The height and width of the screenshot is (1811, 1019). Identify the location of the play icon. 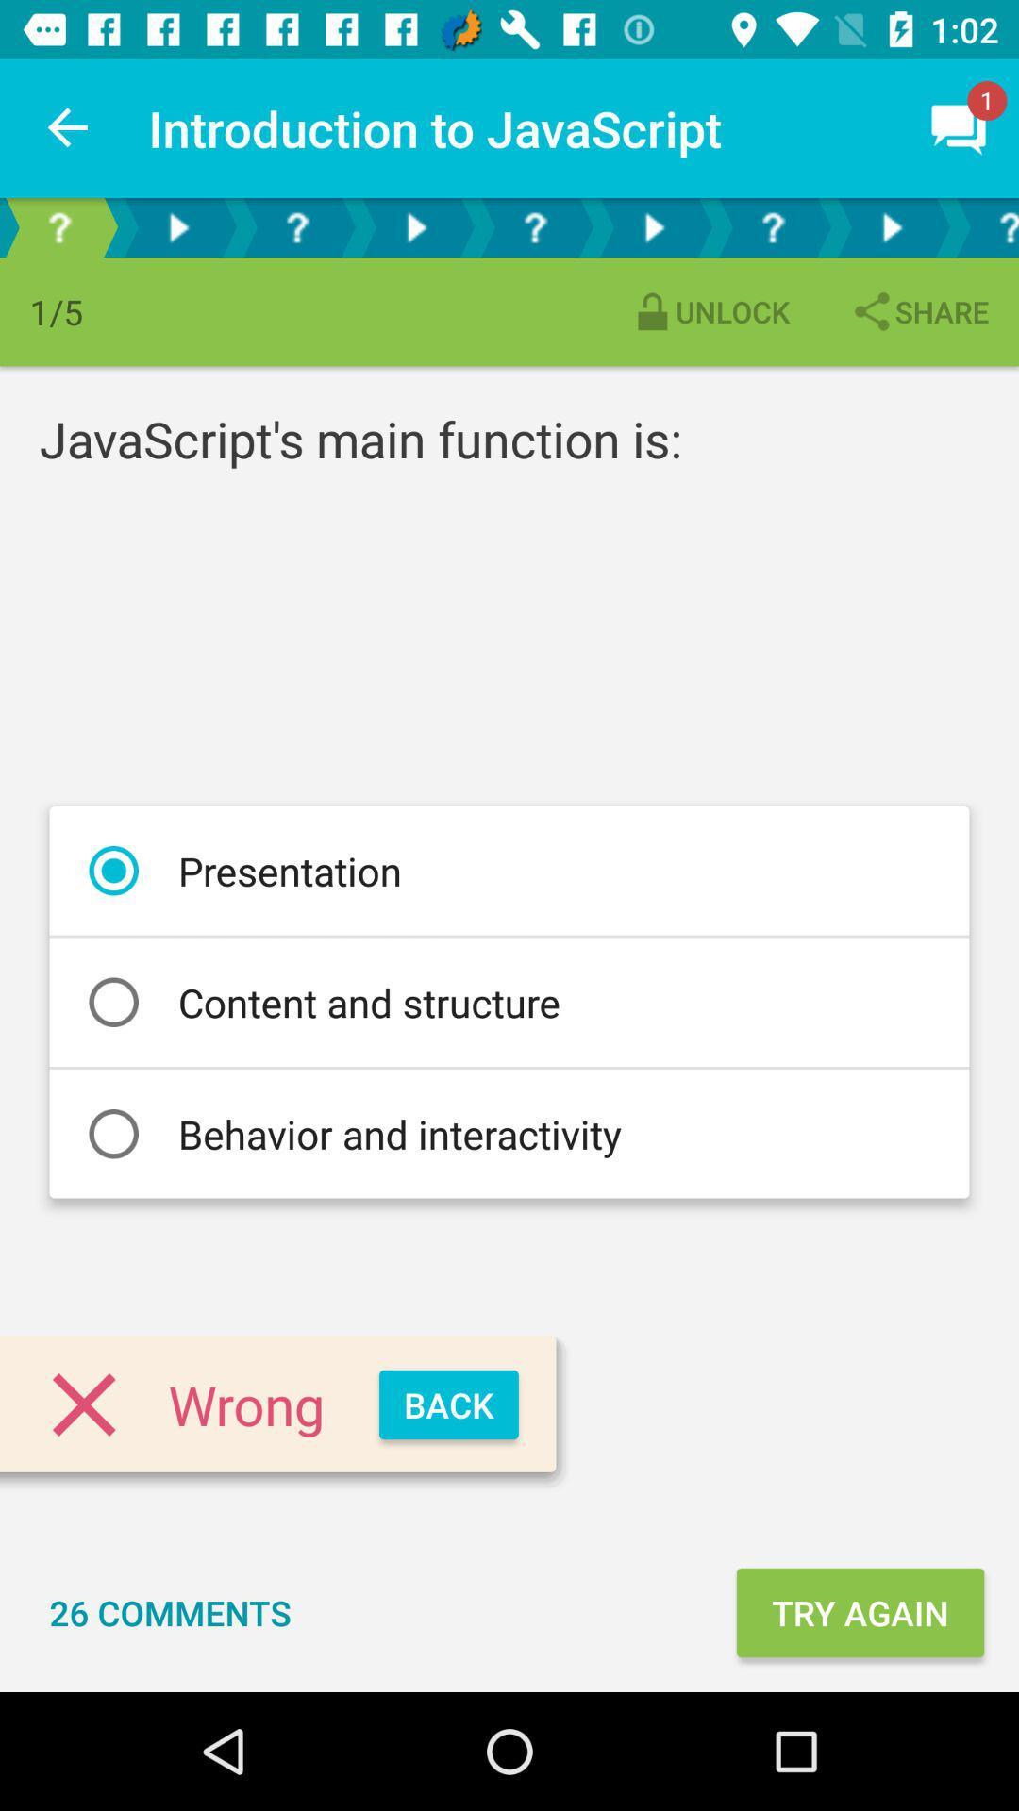
(892, 226).